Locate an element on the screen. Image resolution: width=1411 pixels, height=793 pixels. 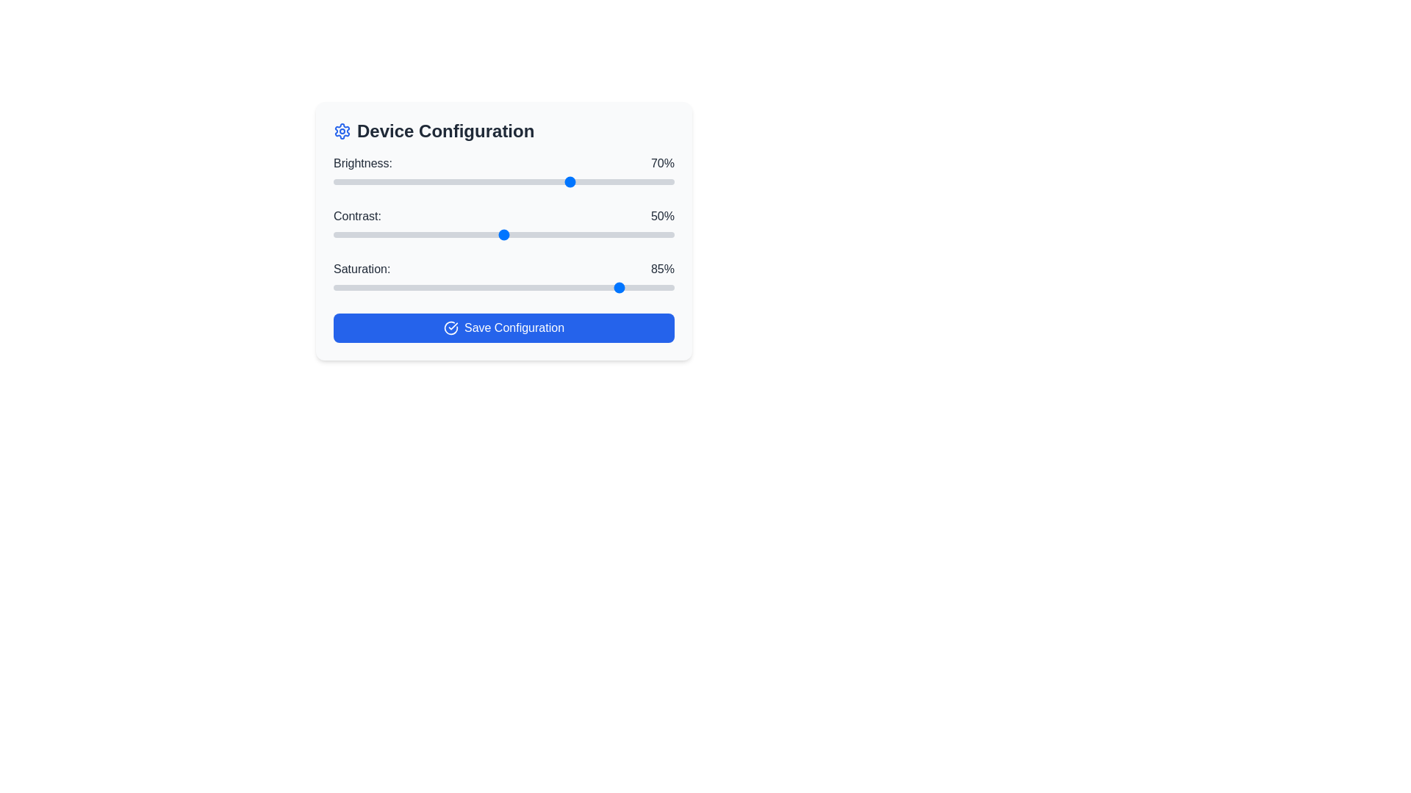
saturation is located at coordinates (630, 288).